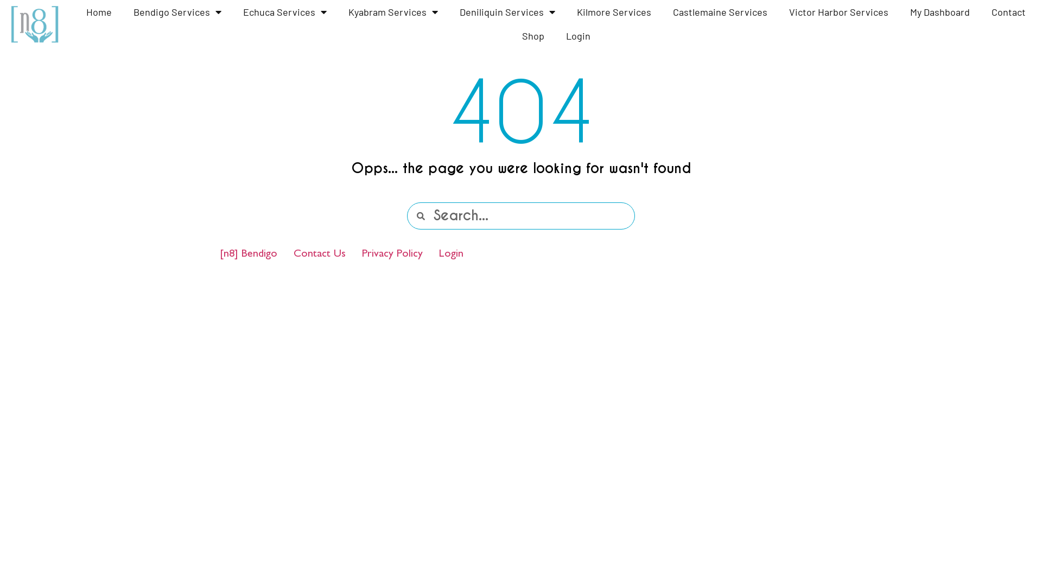 This screenshot has height=586, width=1042. What do you see at coordinates (720, 12) in the screenshot?
I see `'Castlemaine Services'` at bounding box center [720, 12].